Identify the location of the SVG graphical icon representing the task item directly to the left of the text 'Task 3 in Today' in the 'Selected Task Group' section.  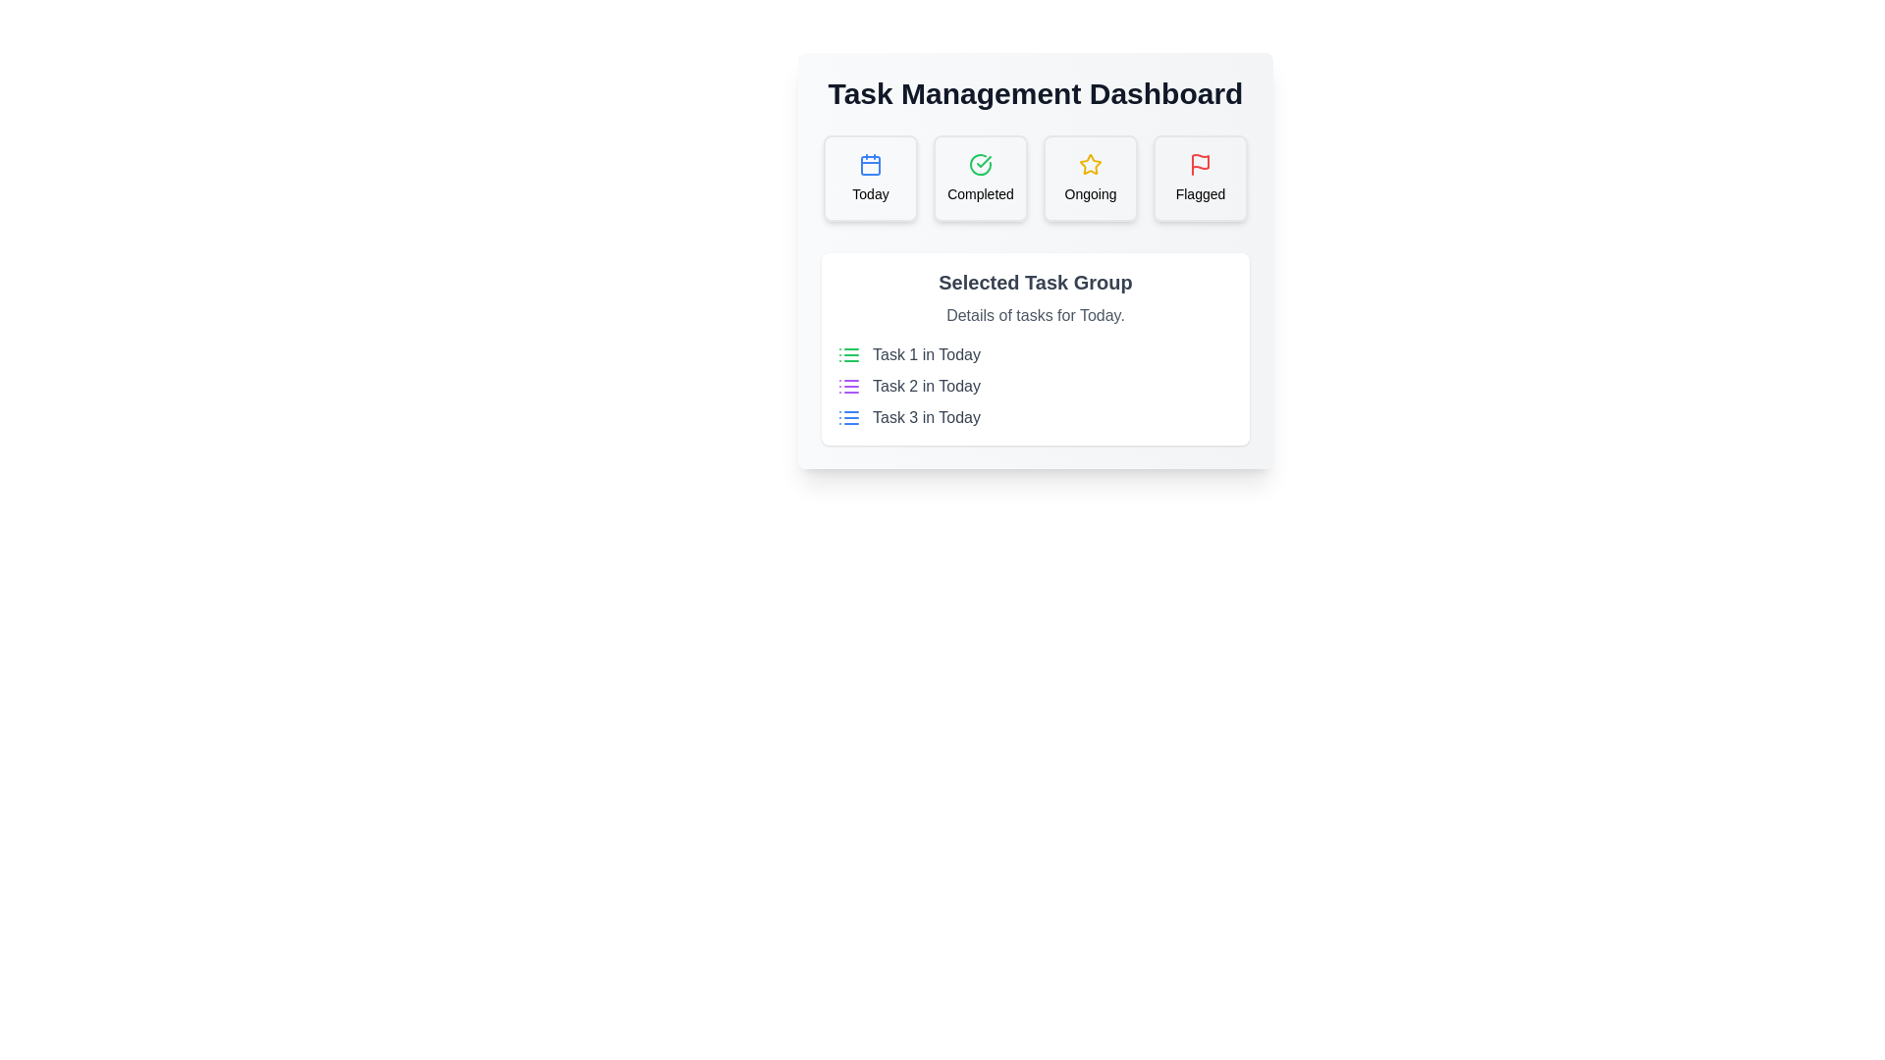
(848, 416).